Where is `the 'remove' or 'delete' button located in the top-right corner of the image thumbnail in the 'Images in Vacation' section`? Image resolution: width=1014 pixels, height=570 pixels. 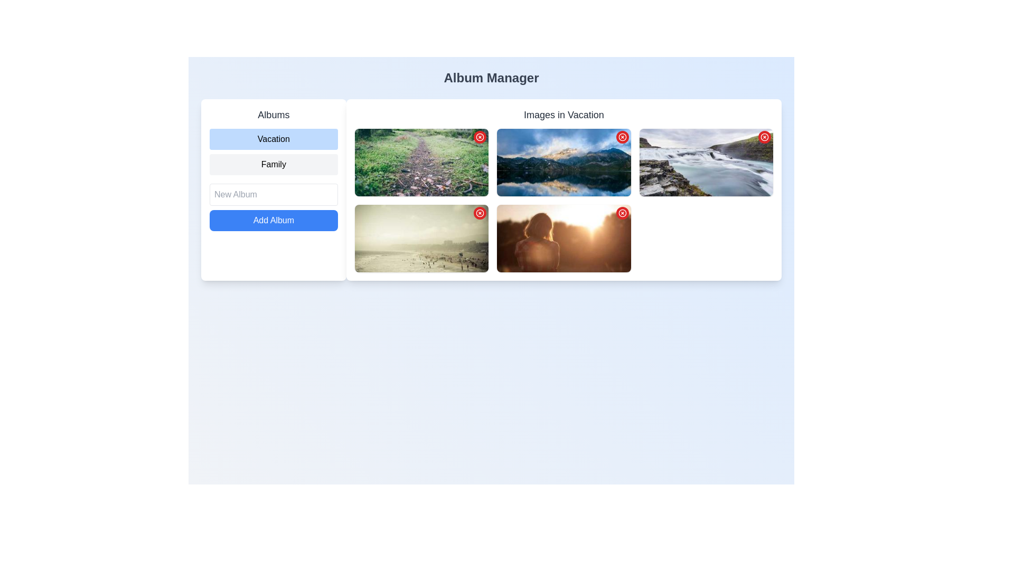 the 'remove' or 'delete' button located in the top-right corner of the image thumbnail in the 'Images in Vacation' section is located at coordinates (480, 213).